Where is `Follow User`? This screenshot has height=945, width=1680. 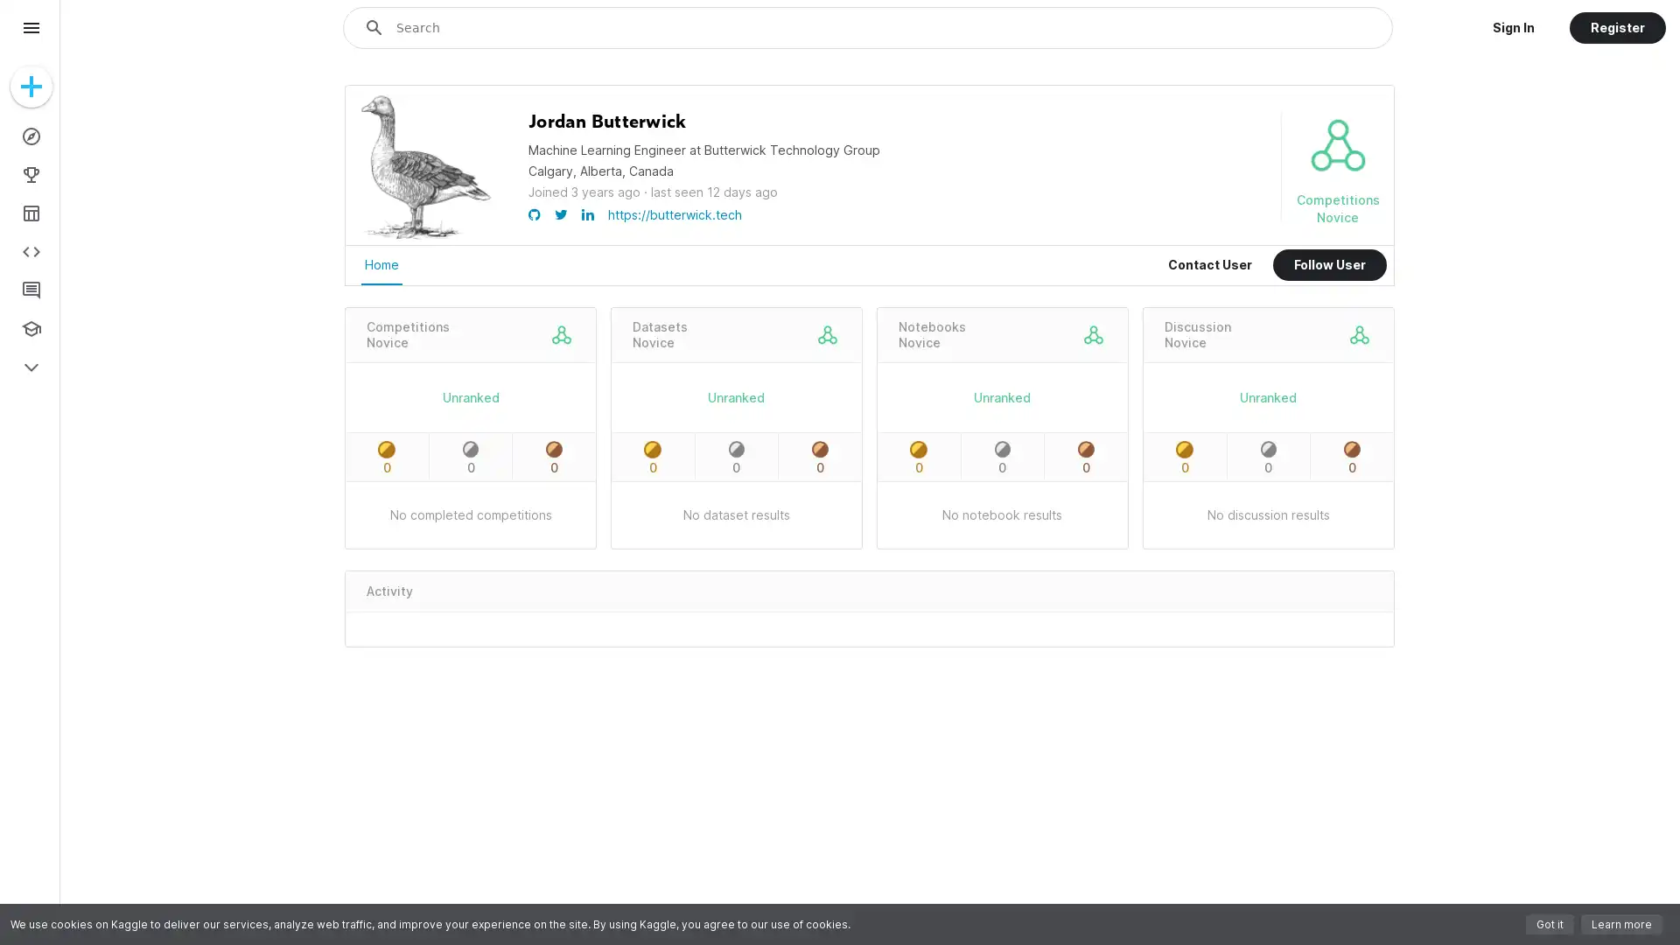 Follow User is located at coordinates (1330, 265).